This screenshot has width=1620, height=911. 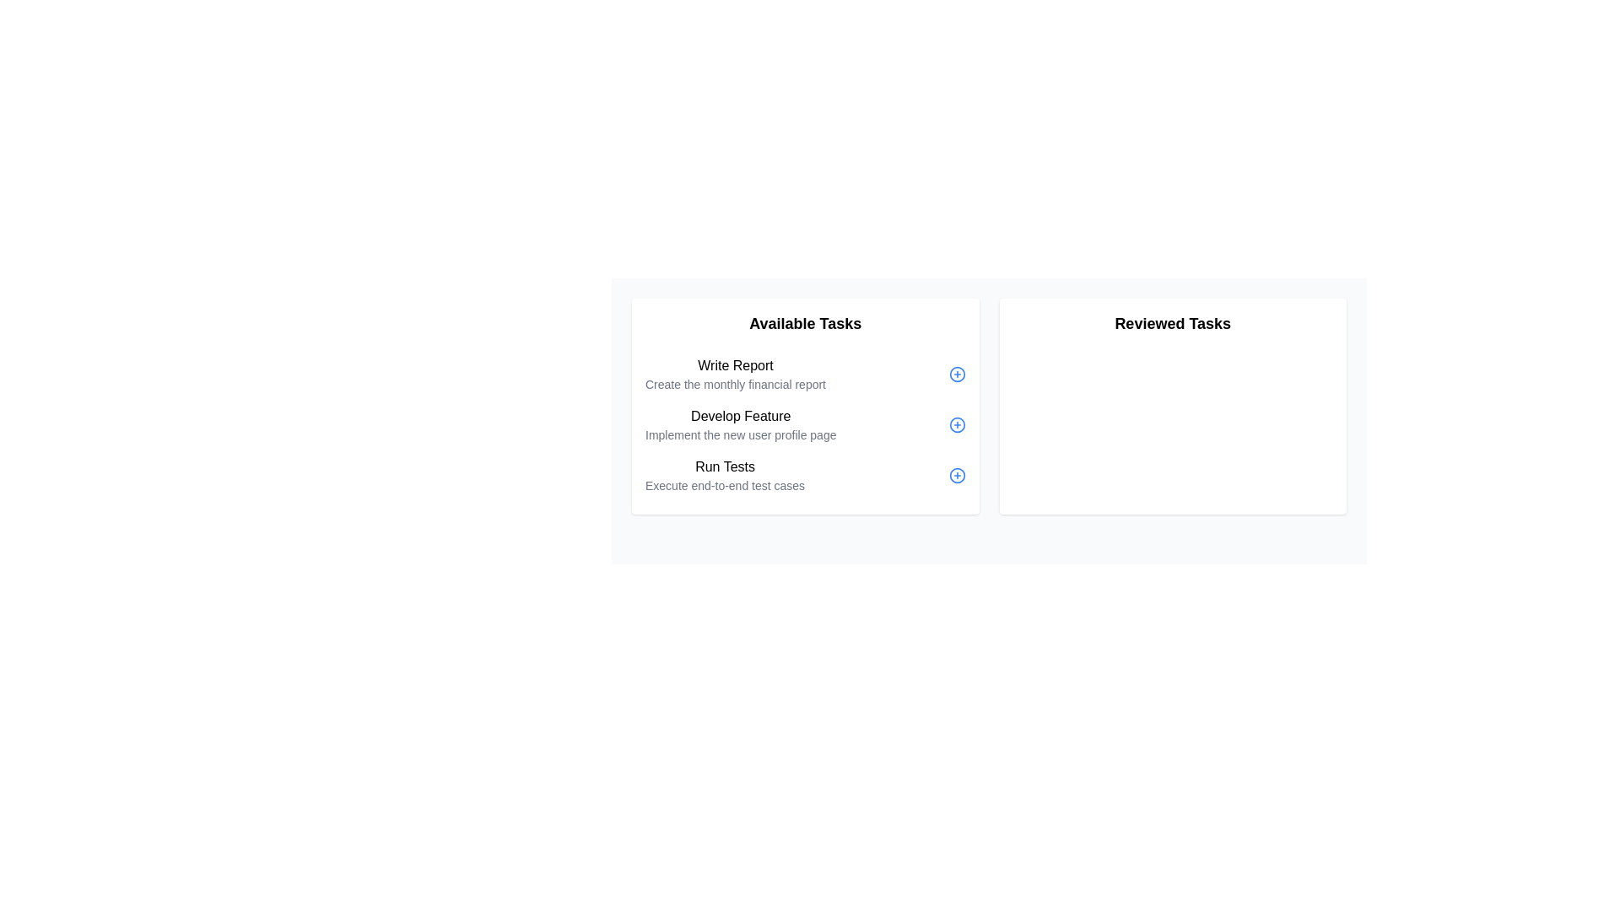 What do you see at coordinates (741, 416) in the screenshot?
I see `text label indicating the title of the task, which is 'Develop Feature', located centrally under 'Available Tasks' as the second task listed` at bounding box center [741, 416].